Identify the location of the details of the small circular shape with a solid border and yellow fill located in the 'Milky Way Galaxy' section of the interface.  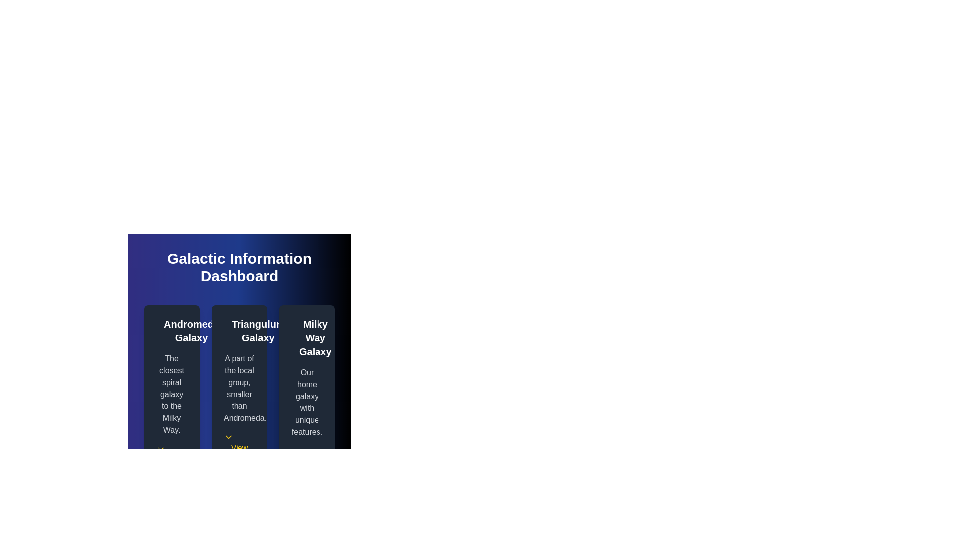
(297, 335).